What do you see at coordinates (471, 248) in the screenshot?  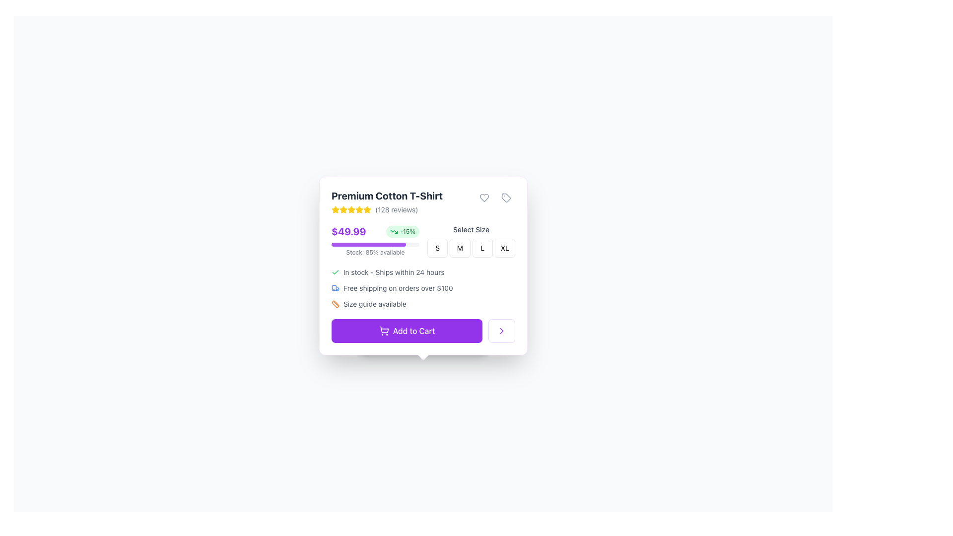 I see `the 'M' button in the size-selection widget` at bounding box center [471, 248].